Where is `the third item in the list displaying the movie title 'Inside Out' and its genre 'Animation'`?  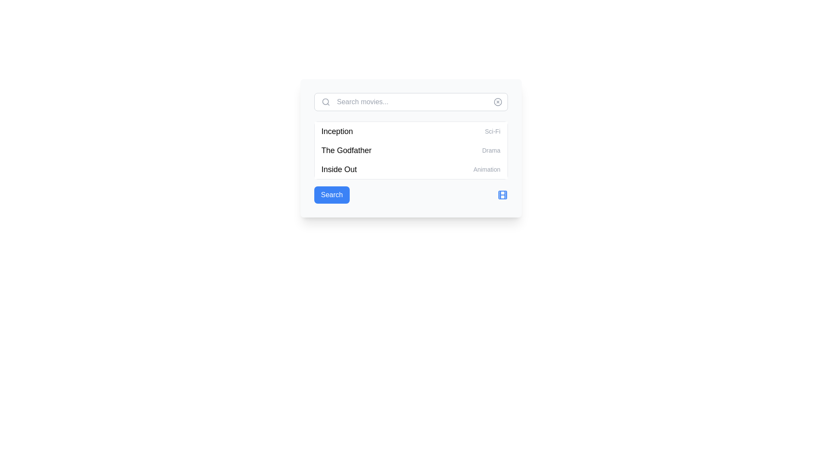
the third item in the list displaying the movie title 'Inside Out' and its genre 'Animation' is located at coordinates (410, 170).